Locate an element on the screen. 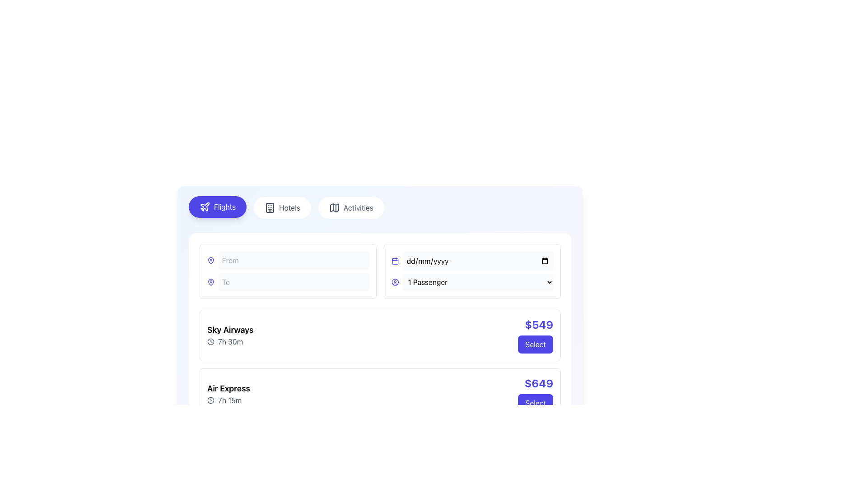 The image size is (867, 487). the starting location input icon located to the left of the 'From' input field in the search section of the UI is located at coordinates (210, 281).